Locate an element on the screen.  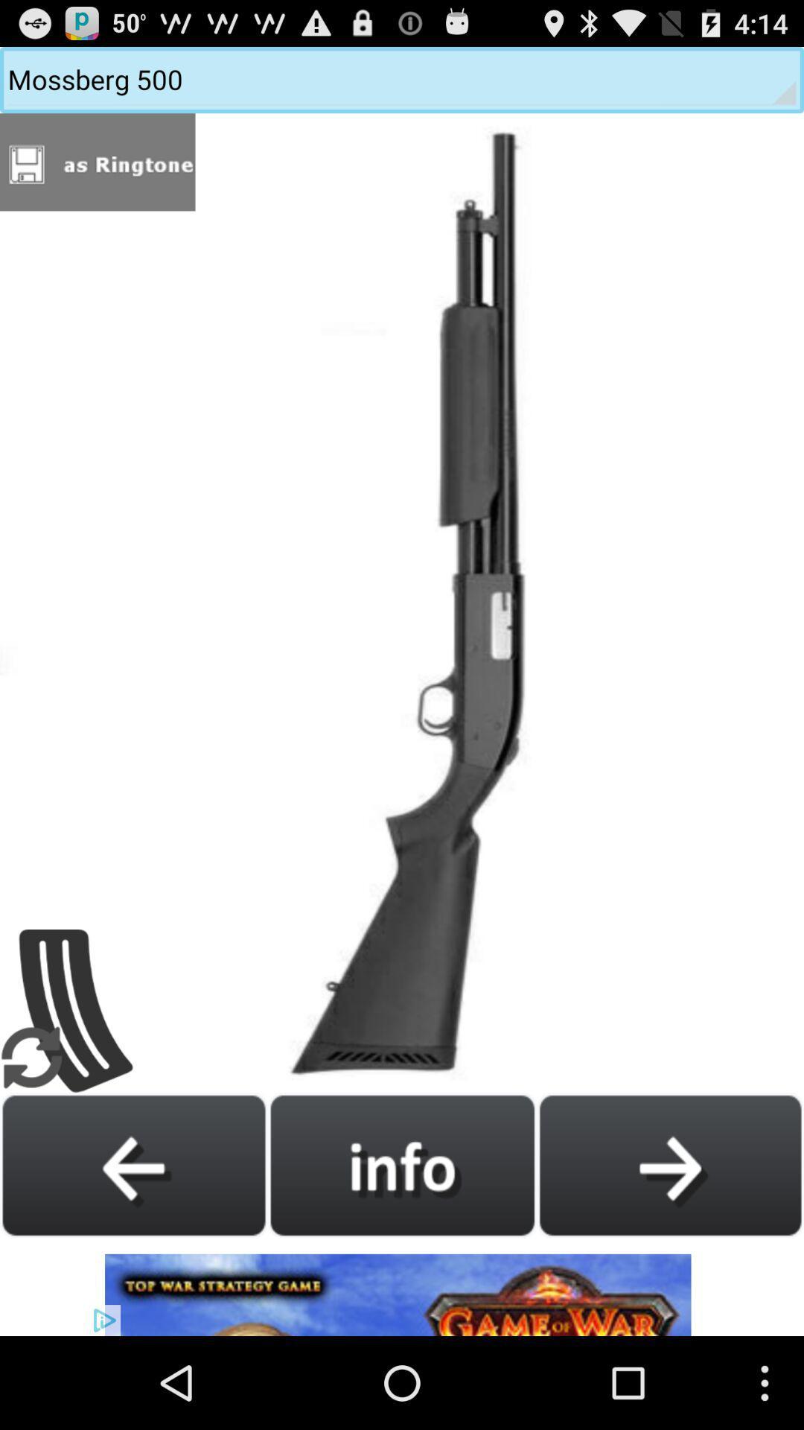
advertisement website is located at coordinates (402, 1286).